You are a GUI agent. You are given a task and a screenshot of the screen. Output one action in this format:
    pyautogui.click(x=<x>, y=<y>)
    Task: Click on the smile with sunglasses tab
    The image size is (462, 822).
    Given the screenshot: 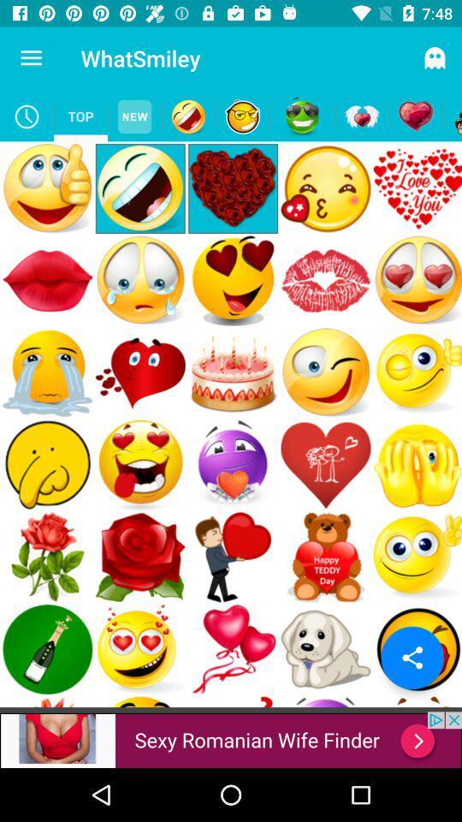 What is the action you would take?
    pyautogui.click(x=301, y=116)
    